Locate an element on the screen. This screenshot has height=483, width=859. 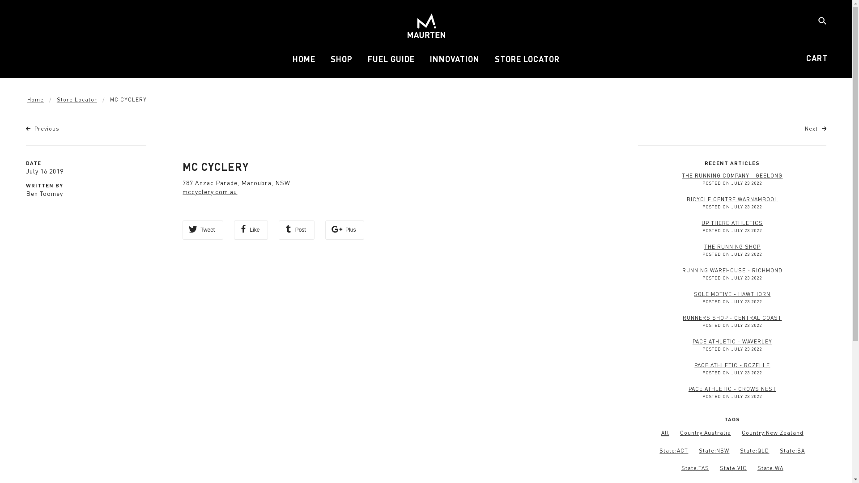
'RUNNING WAREHOUSE - RICHMOND' is located at coordinates (732, 270).